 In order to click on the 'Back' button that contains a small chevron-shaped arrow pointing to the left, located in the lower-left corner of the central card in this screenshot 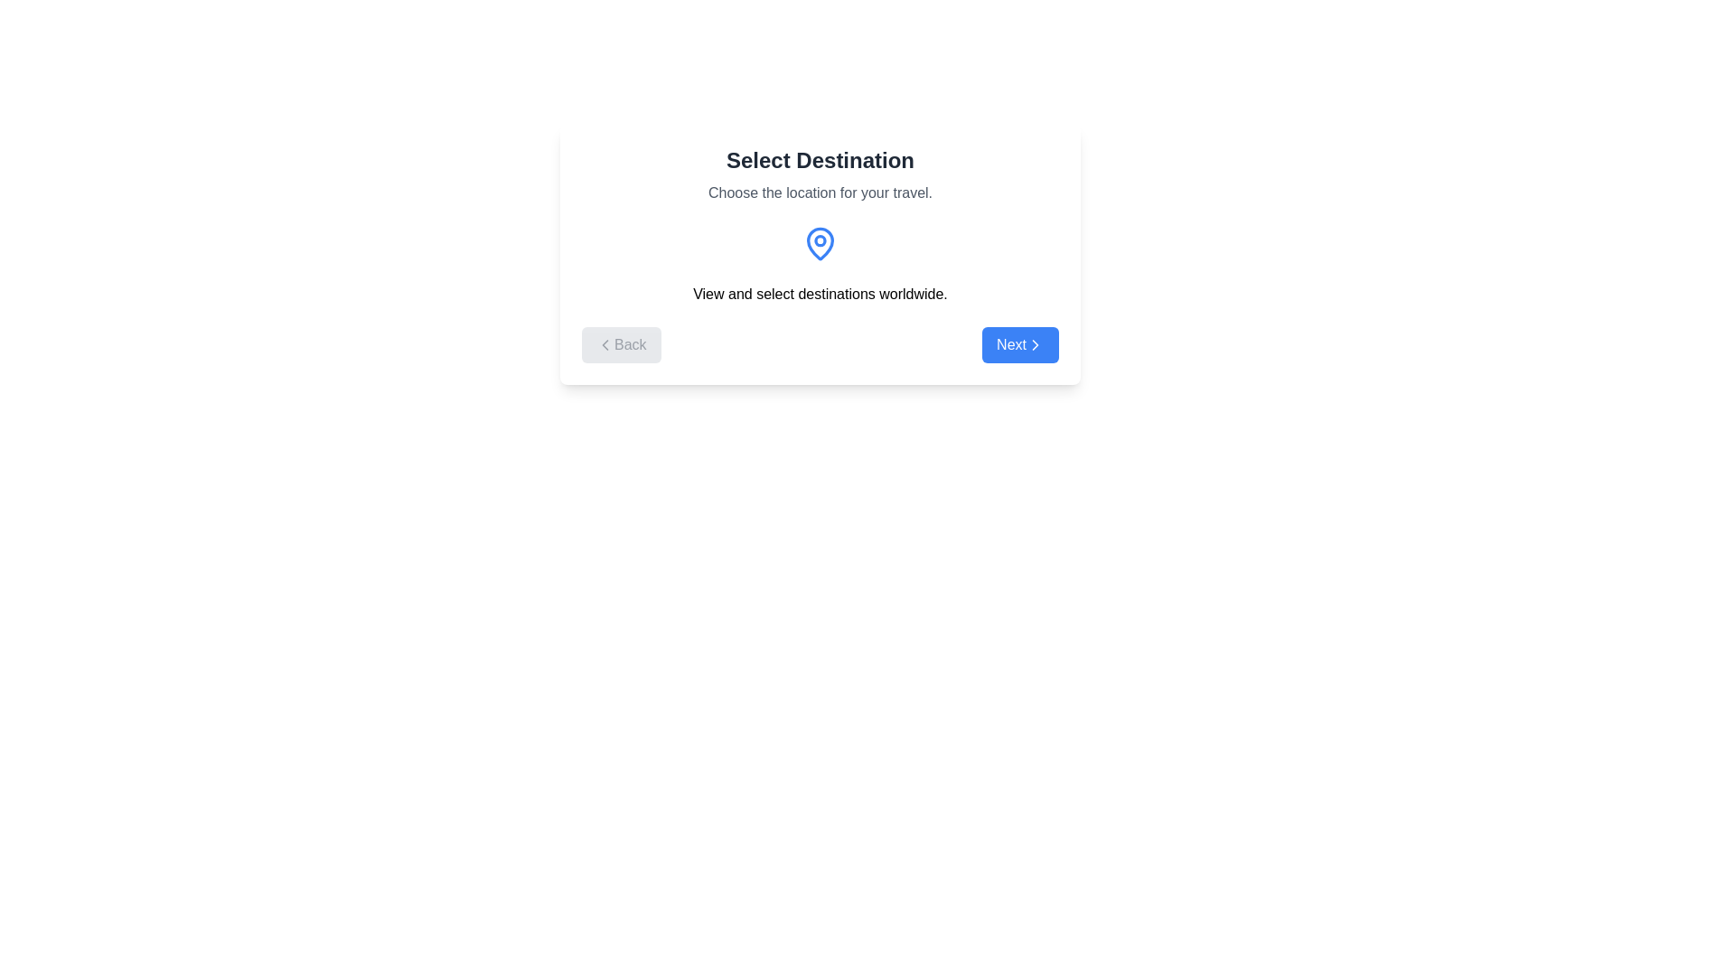, I will do `click(605, 344)`.